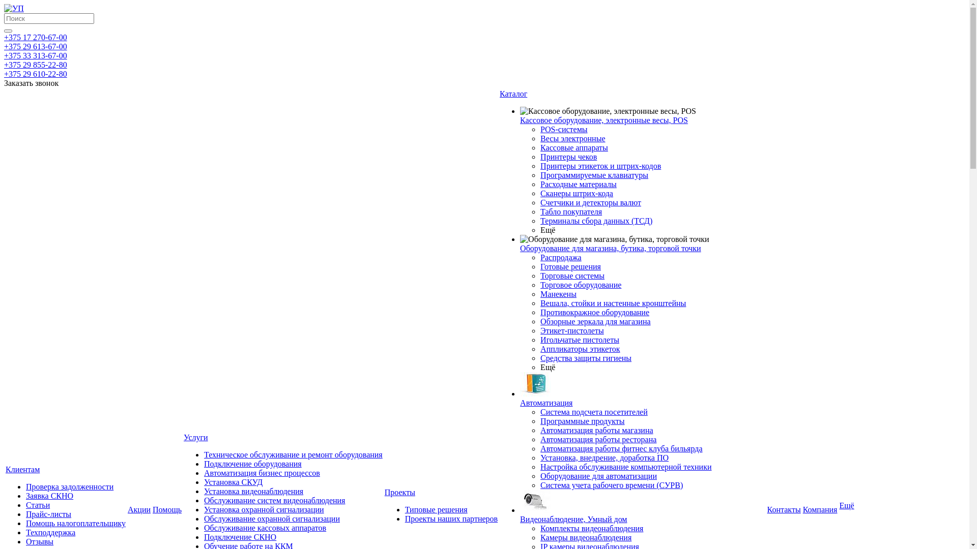 This screenshot has height=549, width=977. I want to click on '+375 33 313-67-00', so click(36, 55).